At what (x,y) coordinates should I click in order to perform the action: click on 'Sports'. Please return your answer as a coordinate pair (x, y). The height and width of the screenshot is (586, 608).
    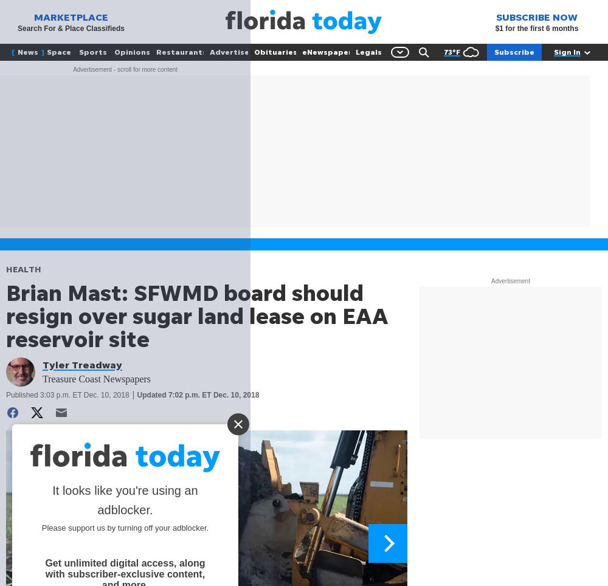
    Looking at the image, I should click on (92, 51).